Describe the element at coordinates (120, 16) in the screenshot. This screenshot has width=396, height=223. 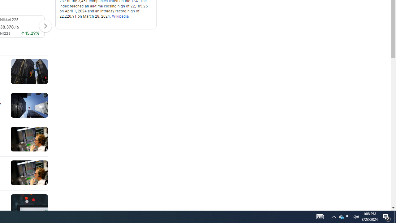
I see `'Wikipedia'` at that location.